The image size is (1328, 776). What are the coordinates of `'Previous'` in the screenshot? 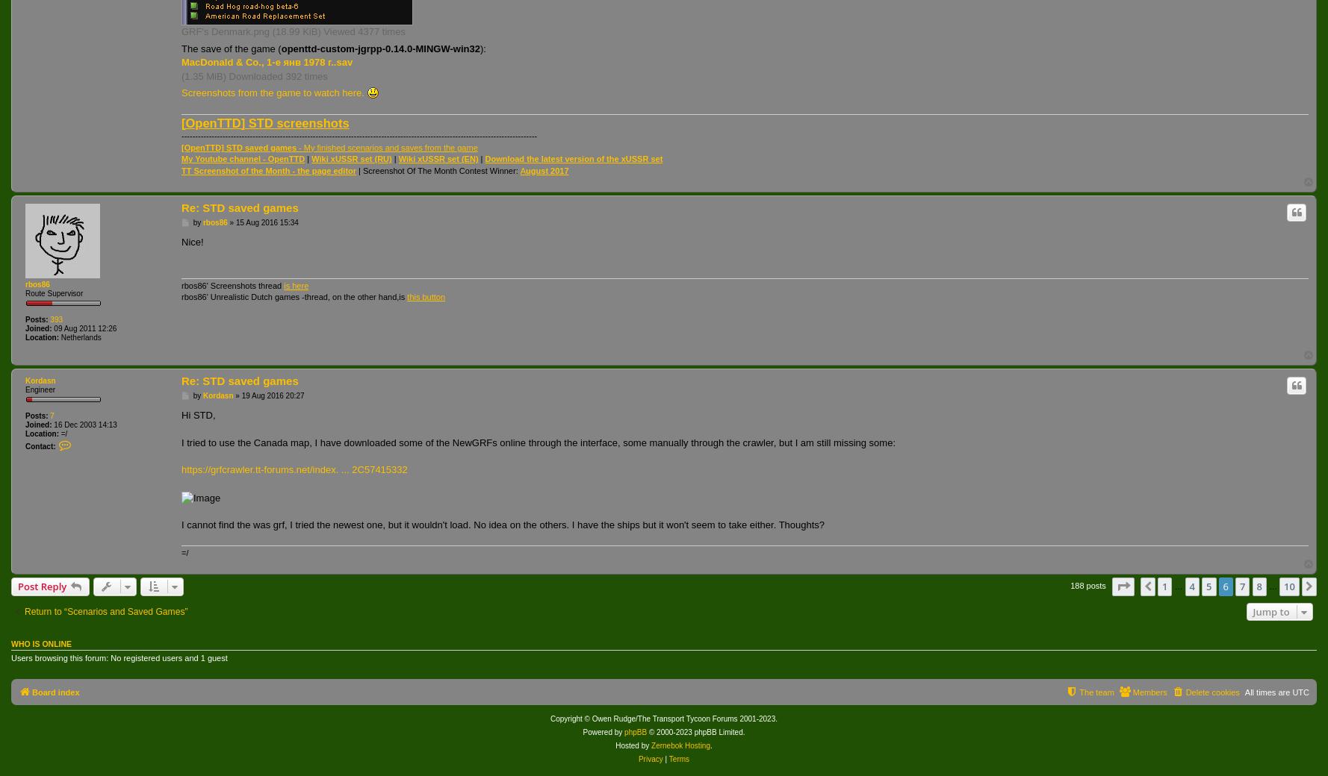 It's located at (1177, 586).